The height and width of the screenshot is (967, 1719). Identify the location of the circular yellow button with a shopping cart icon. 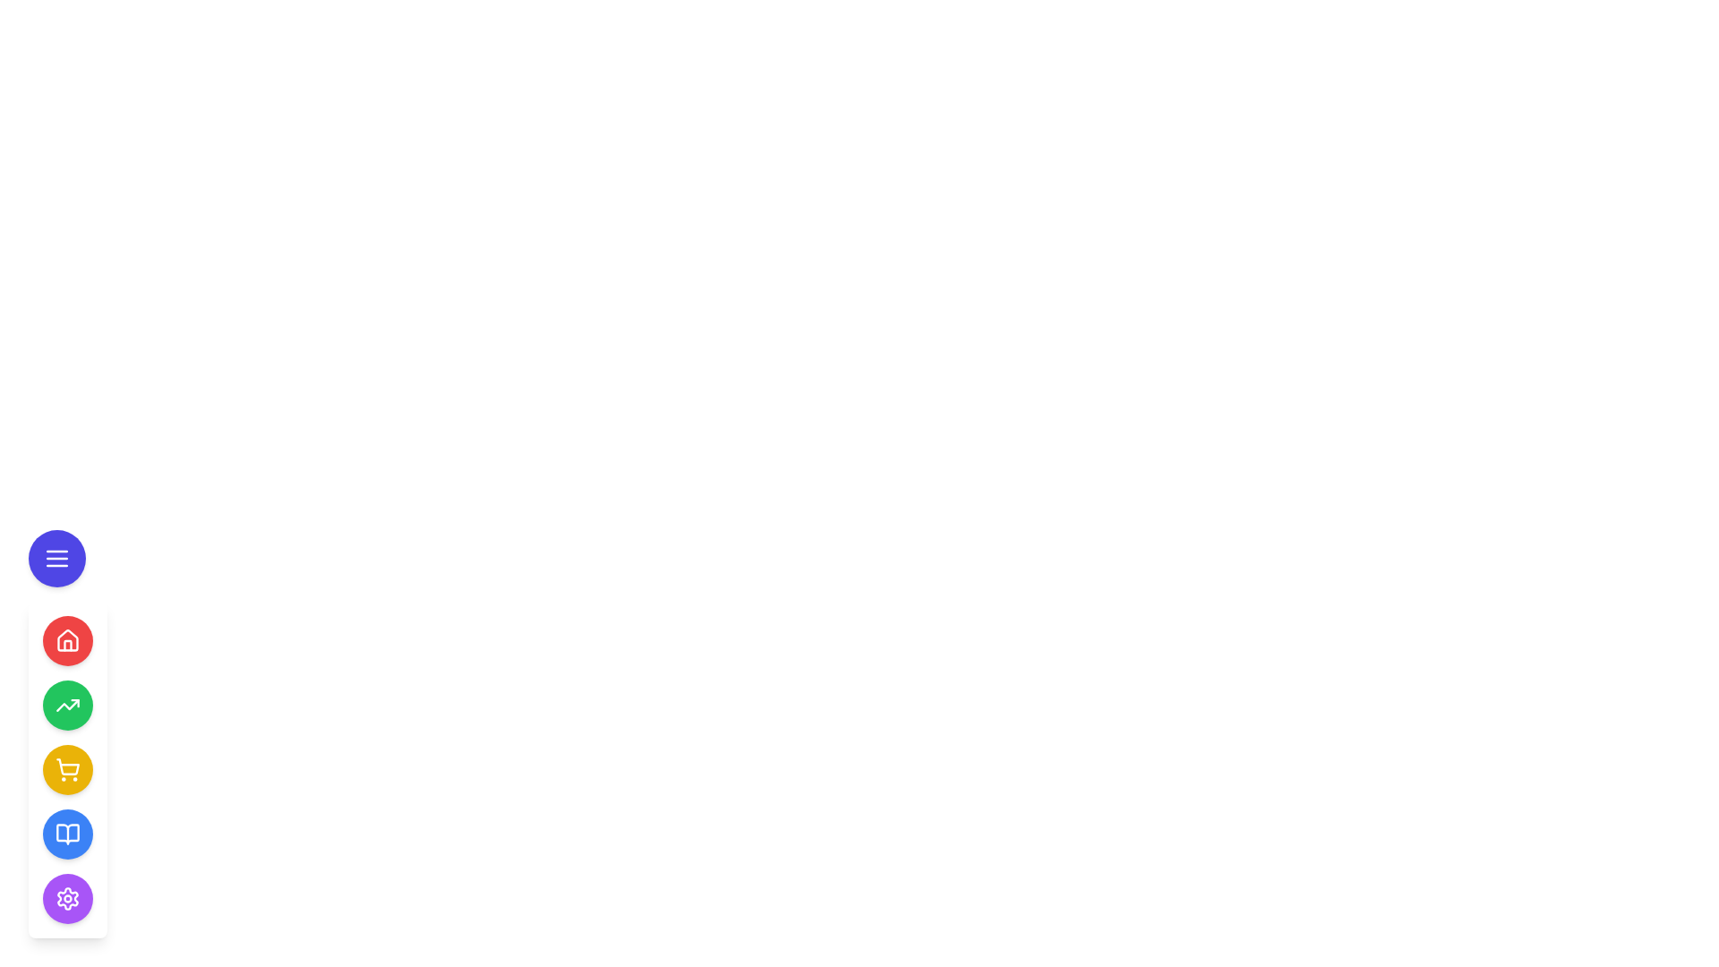
(68, 734).